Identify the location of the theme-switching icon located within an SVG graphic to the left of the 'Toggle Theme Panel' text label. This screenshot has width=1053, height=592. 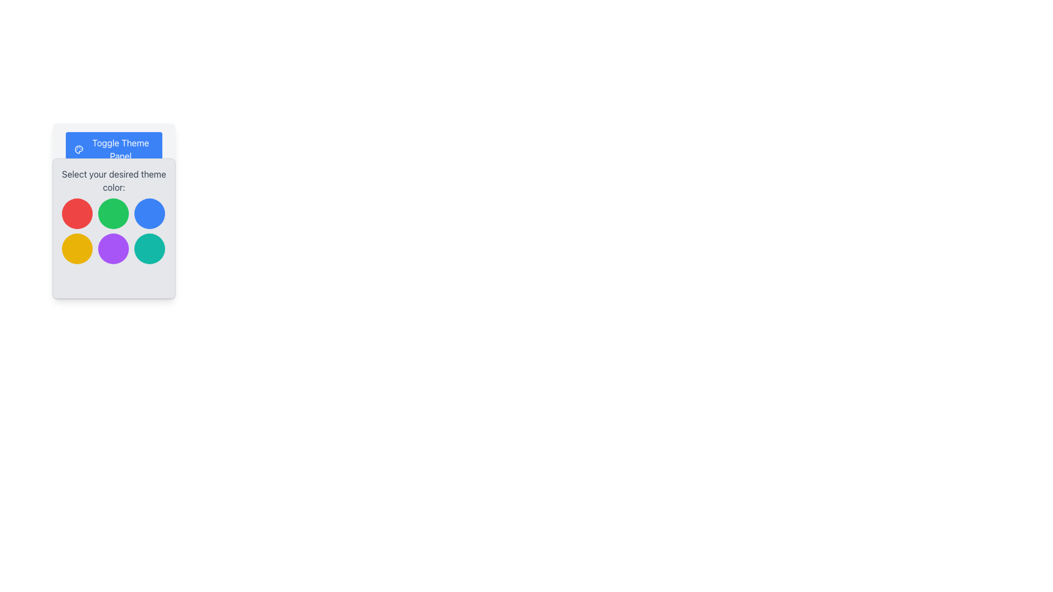
(78, 150).